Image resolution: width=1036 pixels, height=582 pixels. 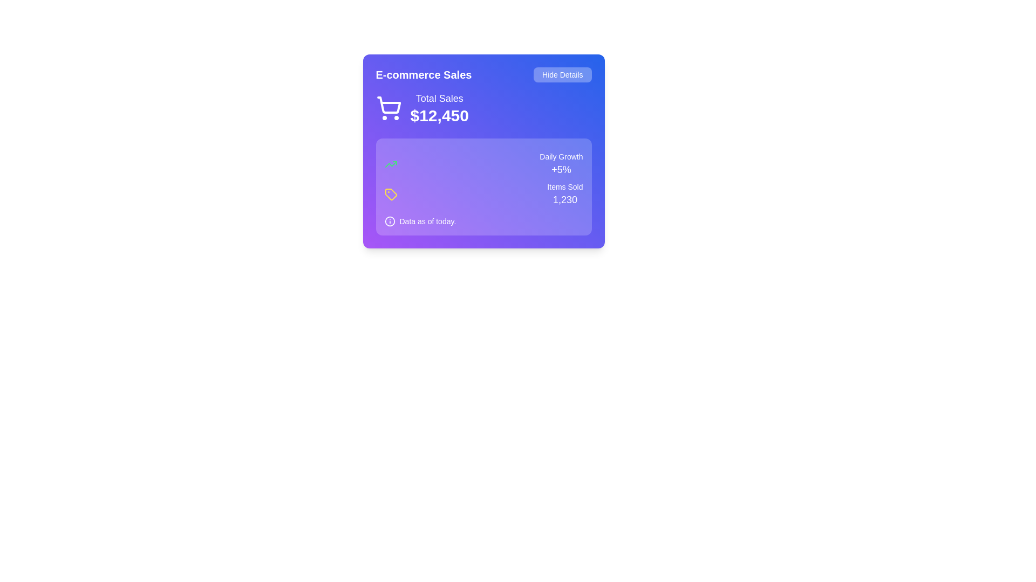 What do you see at coordinates (427, 221) in the screenshot?
I see `the text label displaying 'Data as of today.' positioned in the bottom-left section of the card interface, styled with 'text-sm' class` at bounding box center [427, 221].